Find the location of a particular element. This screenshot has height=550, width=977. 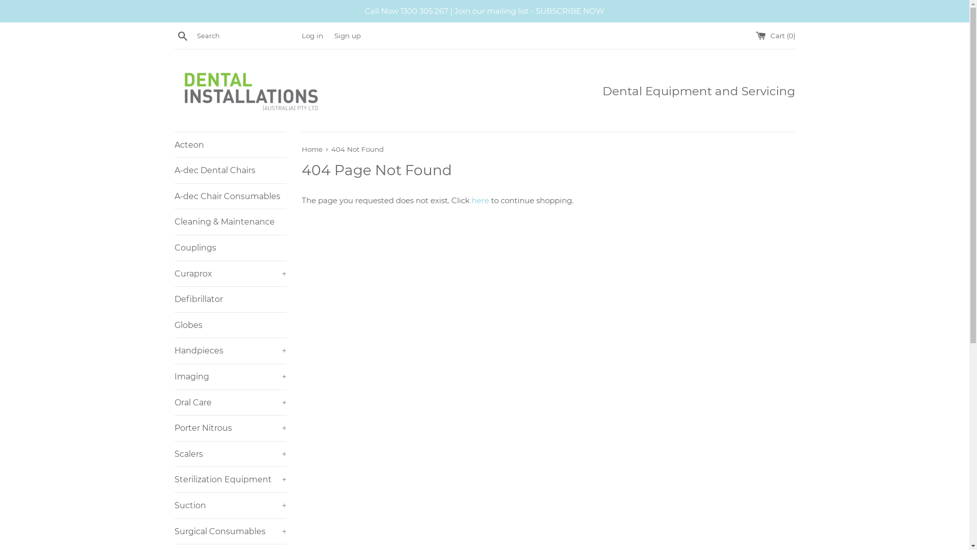

'Search' is located at coordinates (182, 35).